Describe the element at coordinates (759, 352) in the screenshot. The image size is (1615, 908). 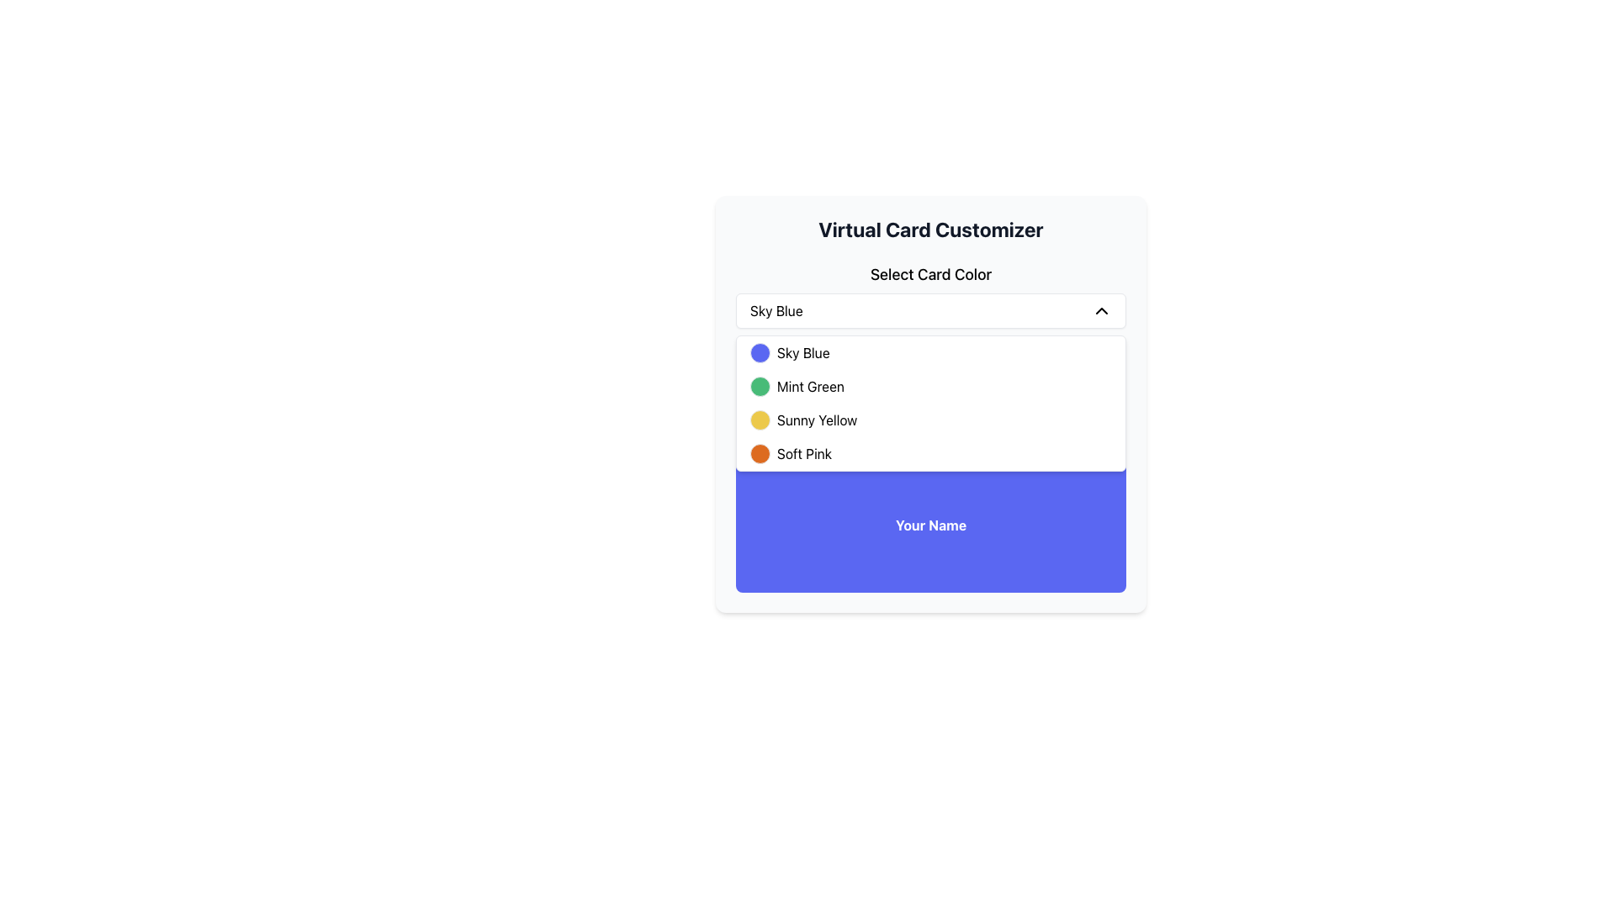
I see `the 'Sky Blue' decorative color indicator in the dropdown menu titled 'Select Card Color'` at that location.